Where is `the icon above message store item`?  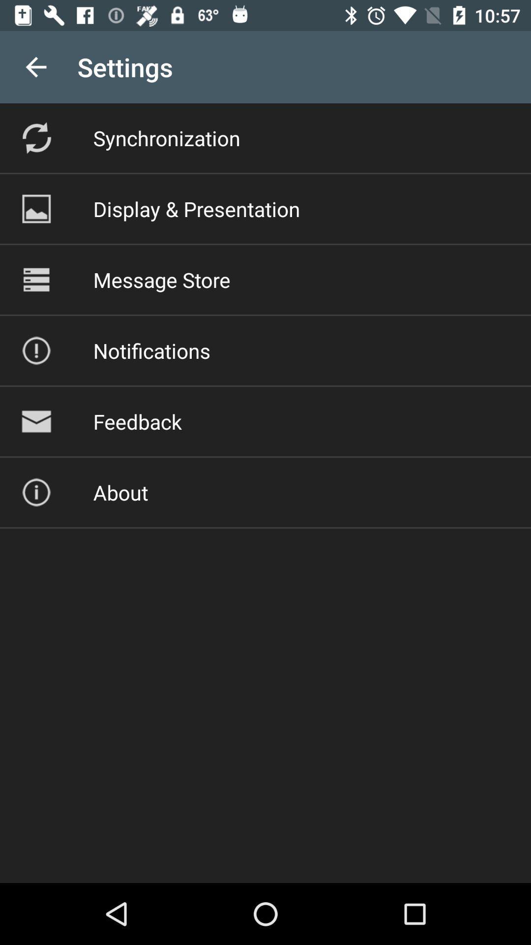
the icon above message store item is located at coordinates (197, 208).